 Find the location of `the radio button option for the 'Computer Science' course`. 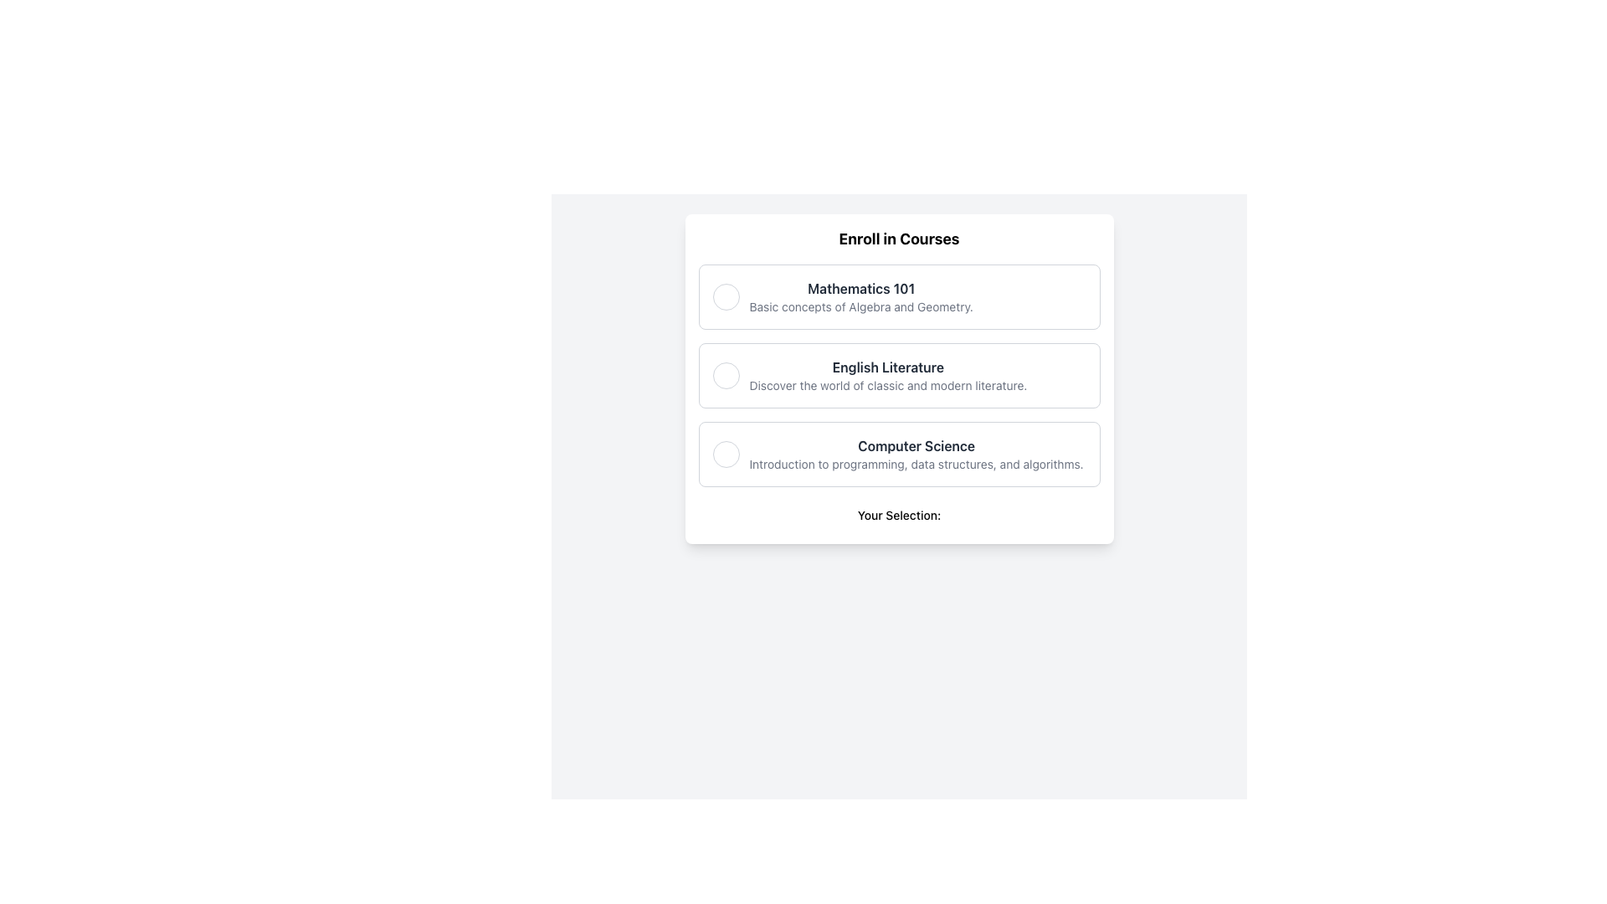

the radio button option for the 'Computer Science' course is located at coordinates (898, 455).